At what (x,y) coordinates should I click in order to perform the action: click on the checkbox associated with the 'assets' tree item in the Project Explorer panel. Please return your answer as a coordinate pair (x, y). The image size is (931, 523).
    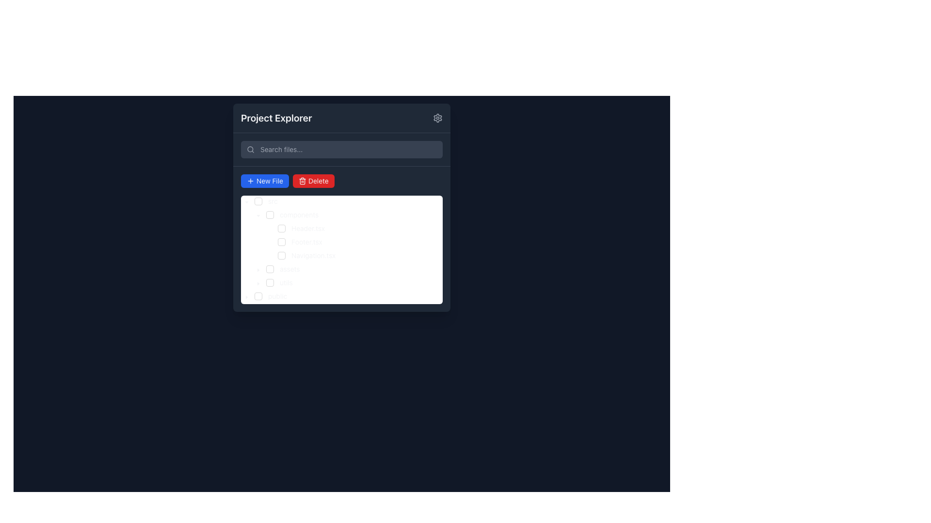
    Looking at the image, I should click on (272, 269).